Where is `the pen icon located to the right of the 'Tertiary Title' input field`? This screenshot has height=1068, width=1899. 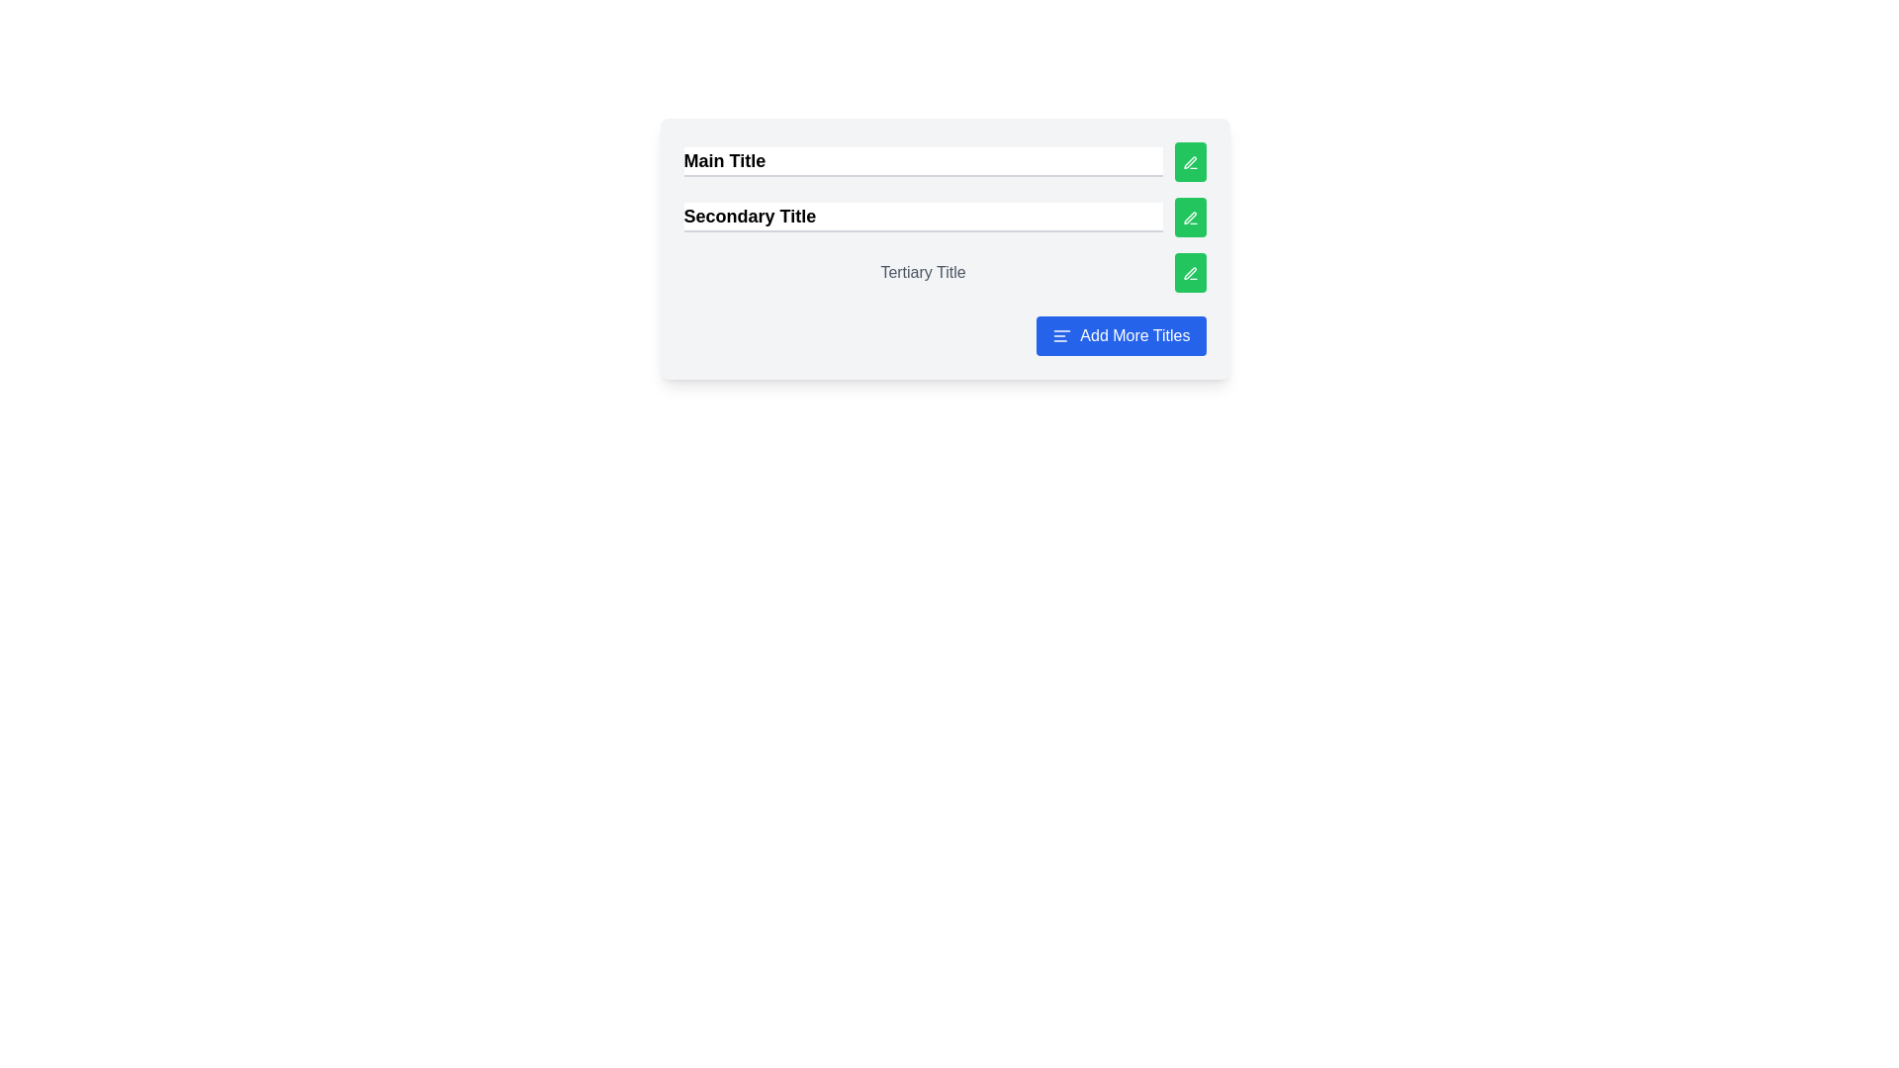 the pen icon located to the right of the 'Tertiary Title' input field is located at coordinates (1189, 273).